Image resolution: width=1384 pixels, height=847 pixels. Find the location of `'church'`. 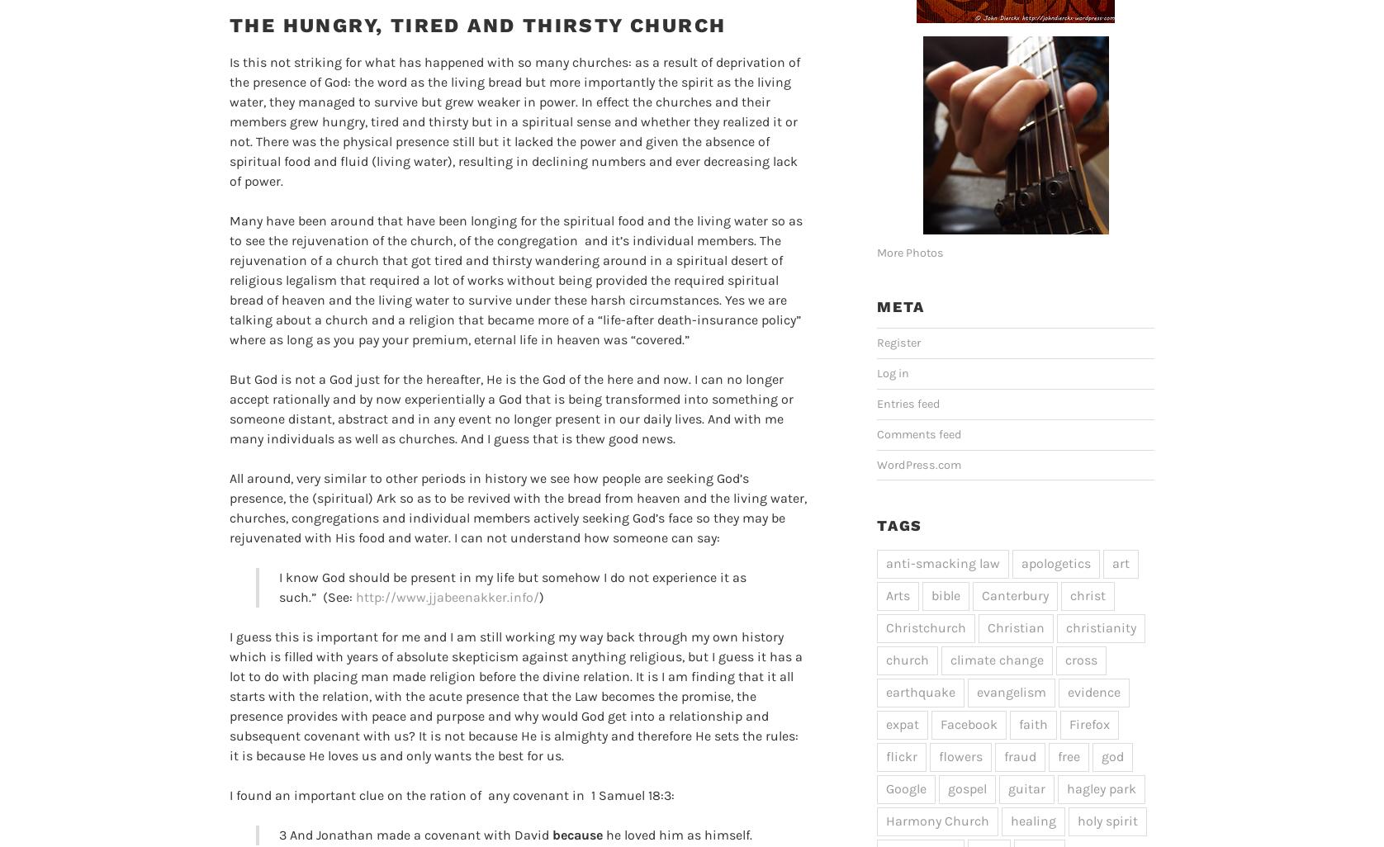

'church' is located at coordinates (906, 658).